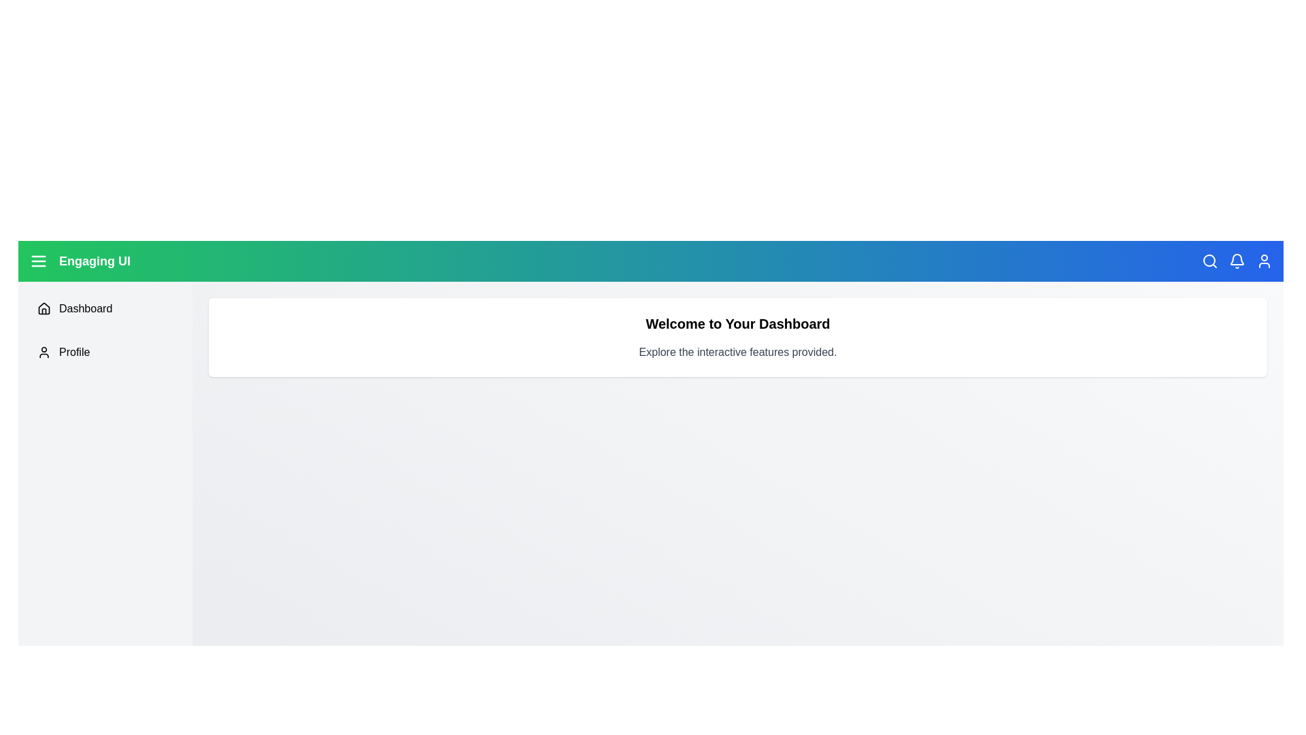 Image resolution: width=1306 pixels, height=735 pixels. Describe the element at coordinates (104, 309) in the screenshot. I see `the navigation item Dashboard in the sidebar` at that location.